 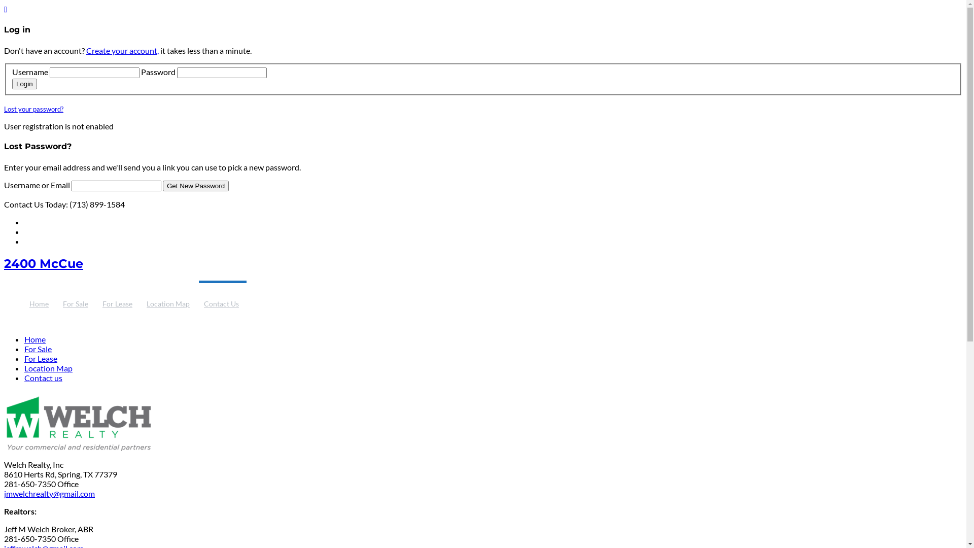 What do you see at coordinates (33, 109) in the screenshot?
I see `'Lost your password?'` at bounding box center [33, 109].